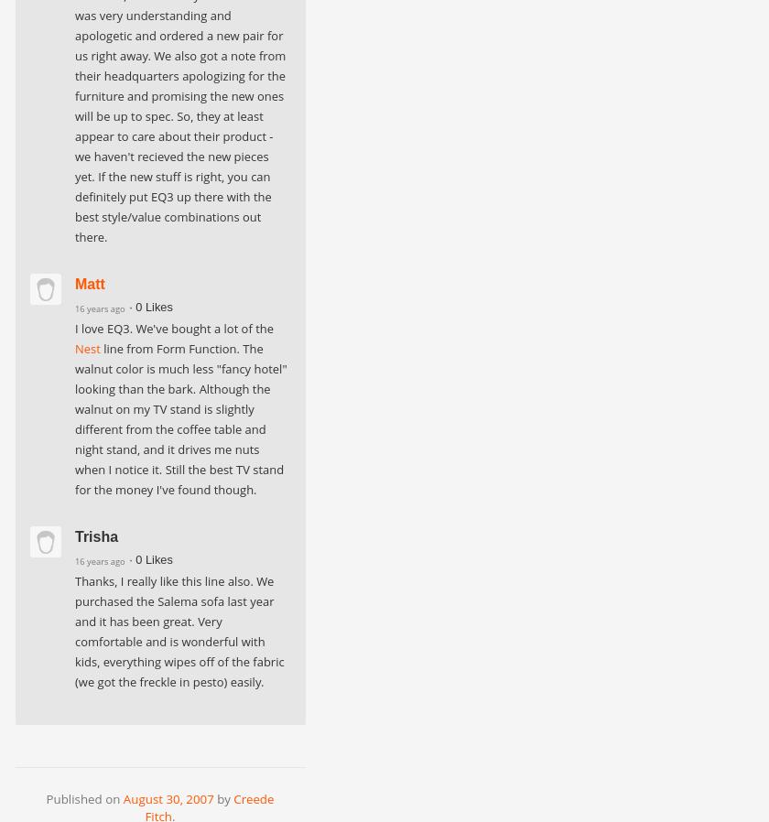 The image size is (769, 822). Describe the element at coordinates (87, 349) in the screenshot. I see `'Nest'` at that location.